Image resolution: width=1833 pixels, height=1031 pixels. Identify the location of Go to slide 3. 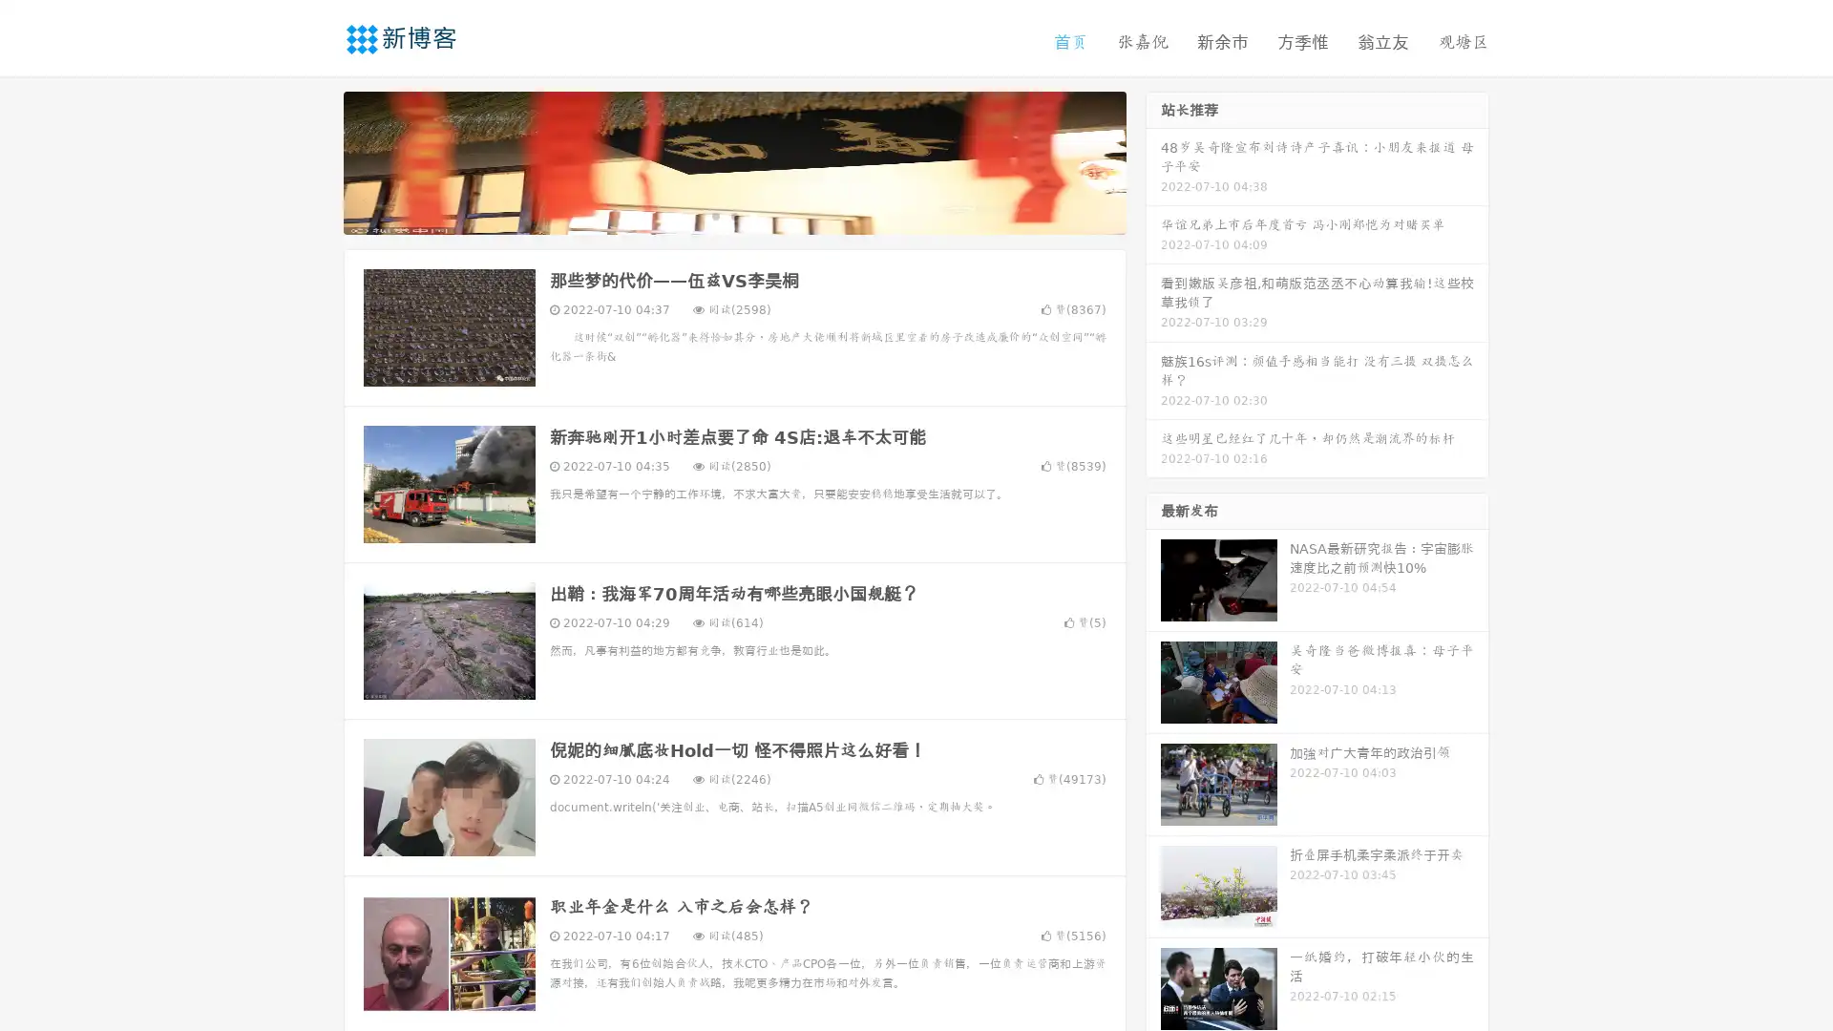
(753, 215).